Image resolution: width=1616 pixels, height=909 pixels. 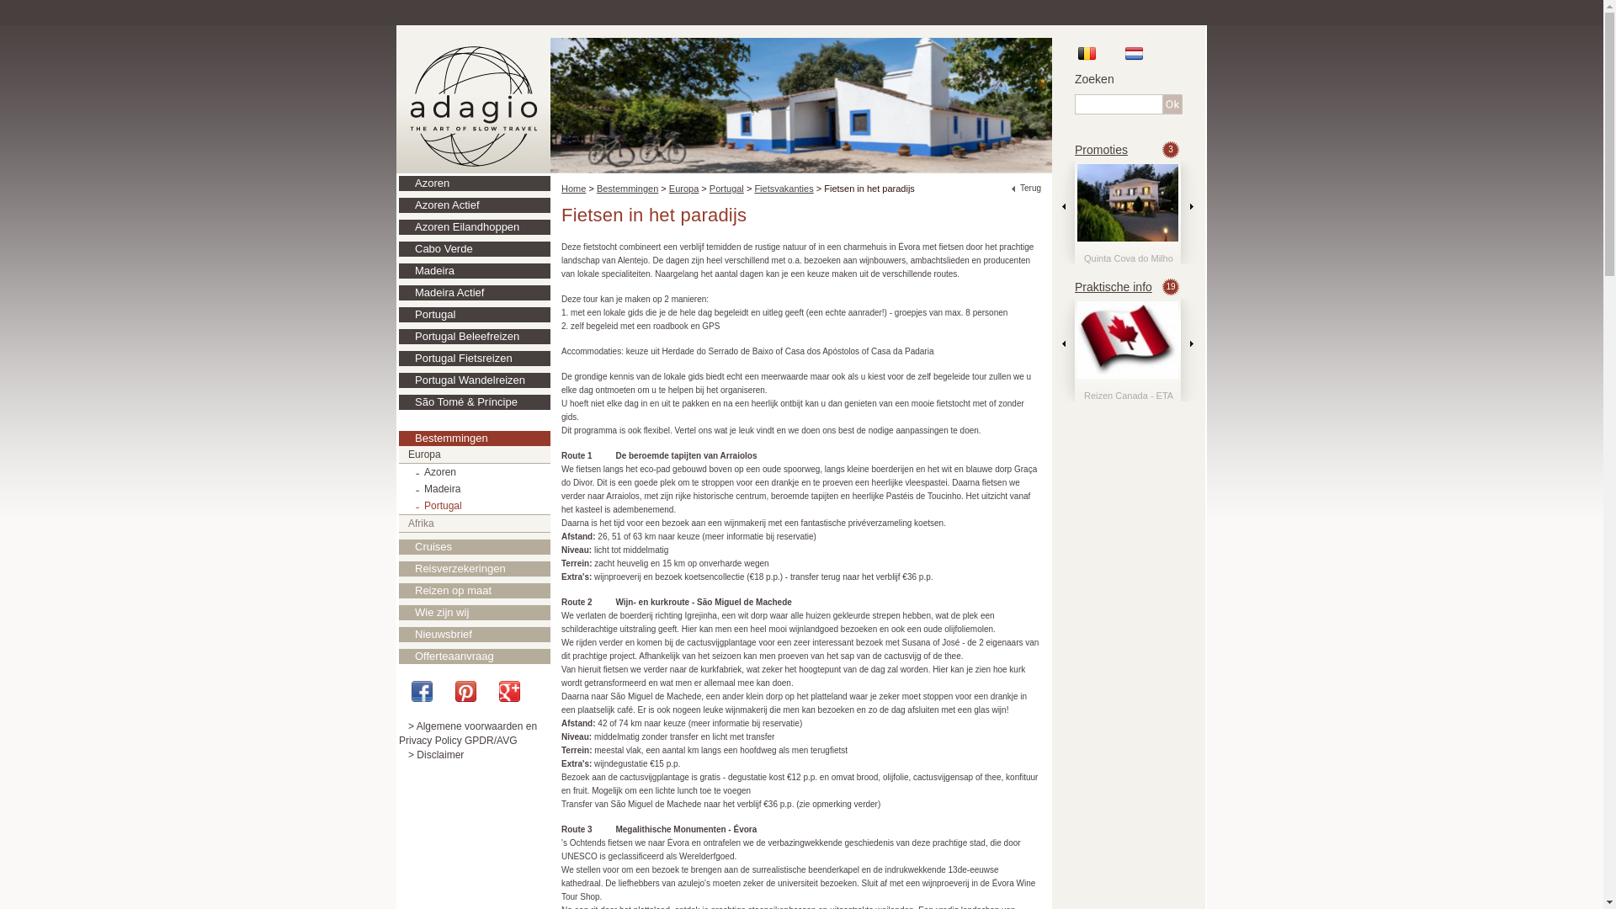 What do you see at coordinates (1127, 350) in the screenshot?
I see `'Vaccinaties'` at bounding box center [1127, 350].